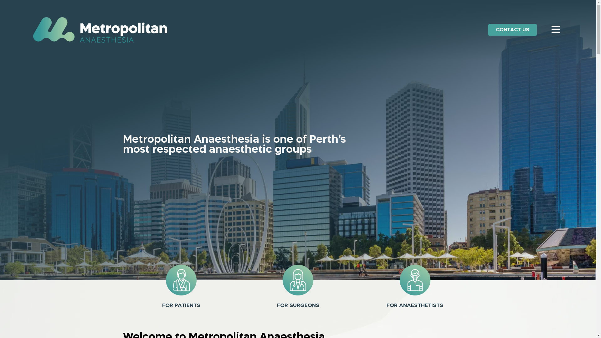 Image resolution: width=601 pixels, height=338 pixels. What do you see at coordinates (276, 305) in the screenshot?
I see `'FOR SURGEONS'` at bounding box center [276, 305].